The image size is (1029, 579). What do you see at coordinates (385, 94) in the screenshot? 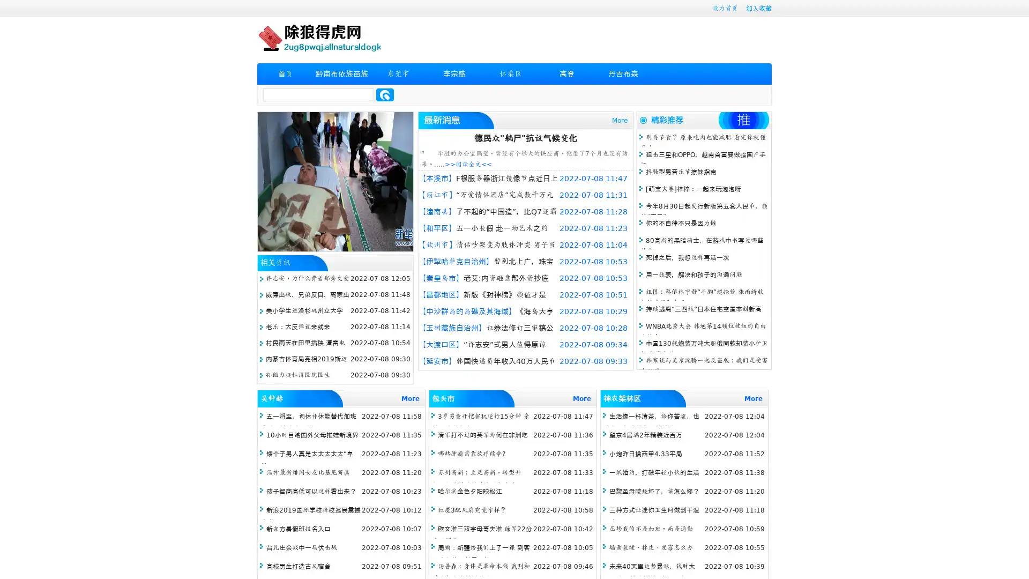
I see `Search` at bounding box center [385, 94].